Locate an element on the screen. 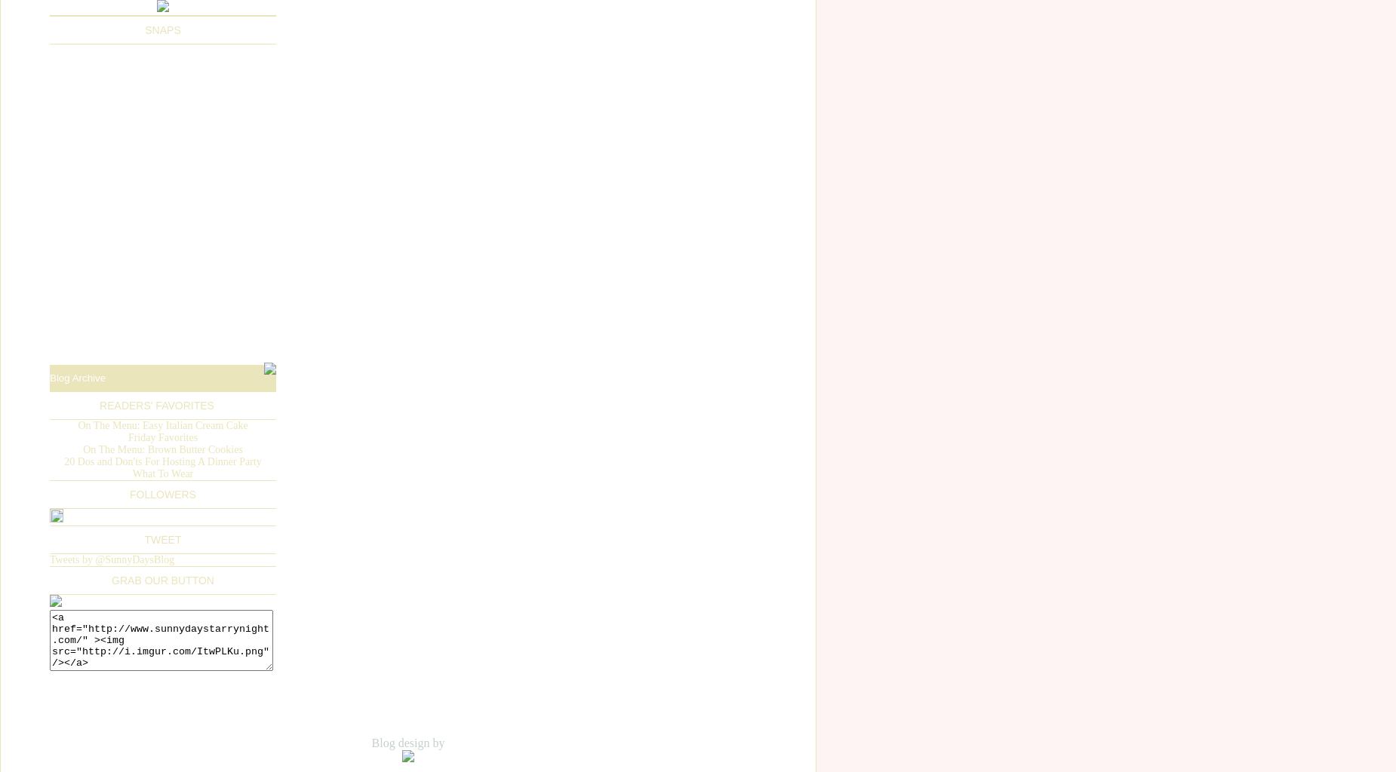 This screenshot has width=1396, height=772. 'Friday Favorites' is located at coordinates (161, 436).